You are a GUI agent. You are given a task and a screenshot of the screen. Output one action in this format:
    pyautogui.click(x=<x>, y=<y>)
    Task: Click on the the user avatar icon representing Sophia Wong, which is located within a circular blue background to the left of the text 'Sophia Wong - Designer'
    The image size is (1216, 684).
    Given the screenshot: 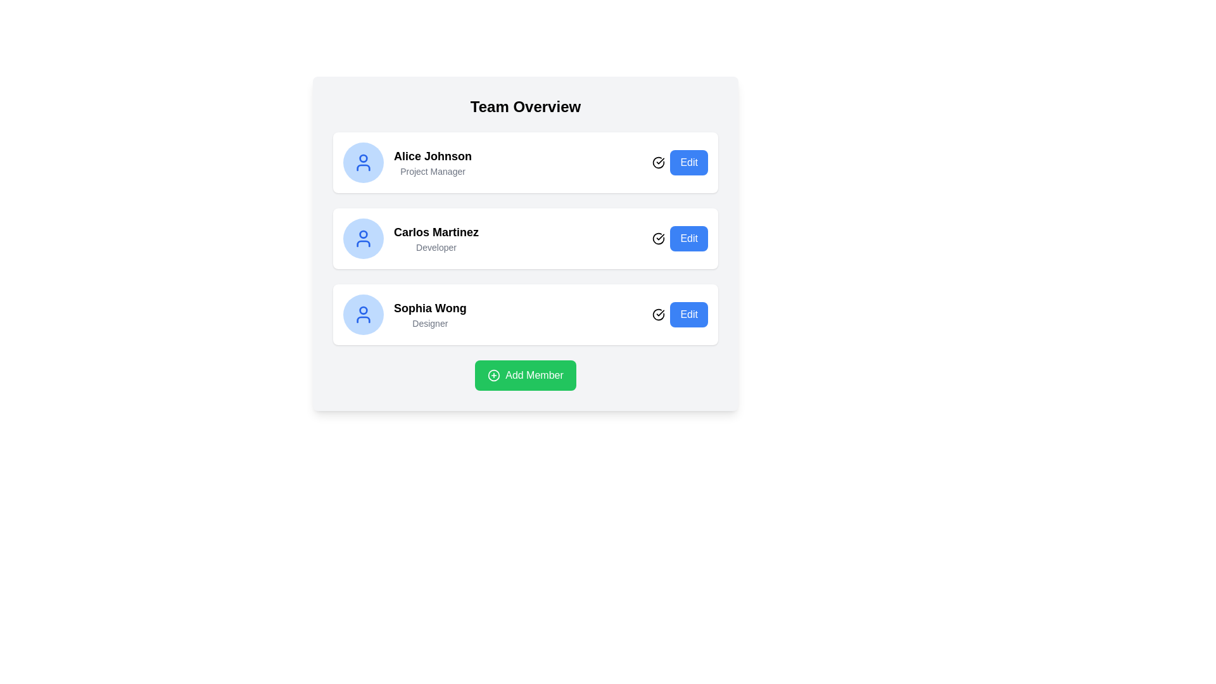 What is the action you would take?
    pyautogui.click(x=363, y=314)
    